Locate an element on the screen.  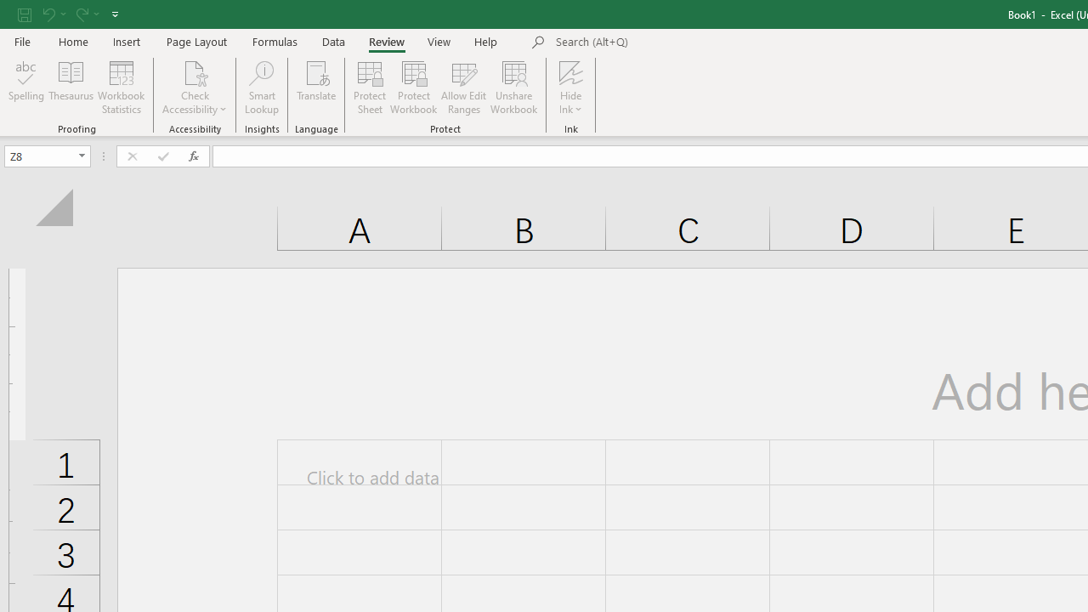
'System' is located at coordinates (8, 9).